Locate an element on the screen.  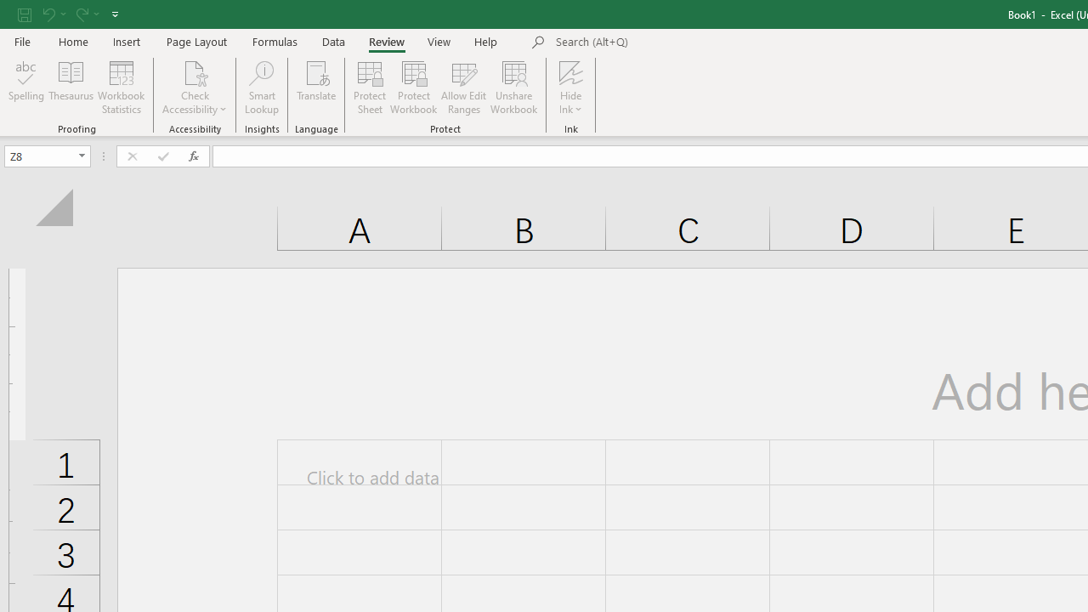
'System' is located at coordinates (8, 9).